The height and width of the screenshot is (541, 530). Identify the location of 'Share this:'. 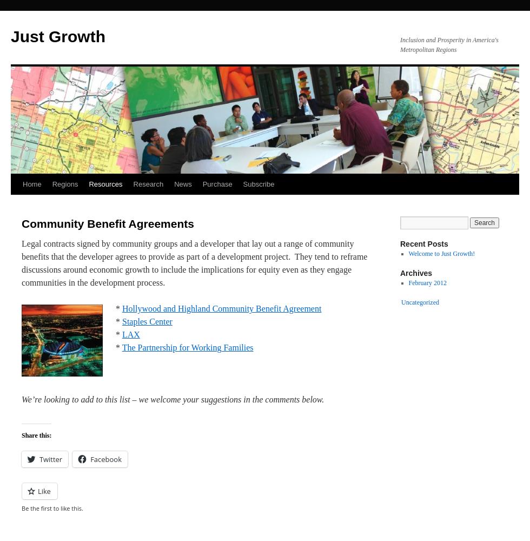
(36, 436).